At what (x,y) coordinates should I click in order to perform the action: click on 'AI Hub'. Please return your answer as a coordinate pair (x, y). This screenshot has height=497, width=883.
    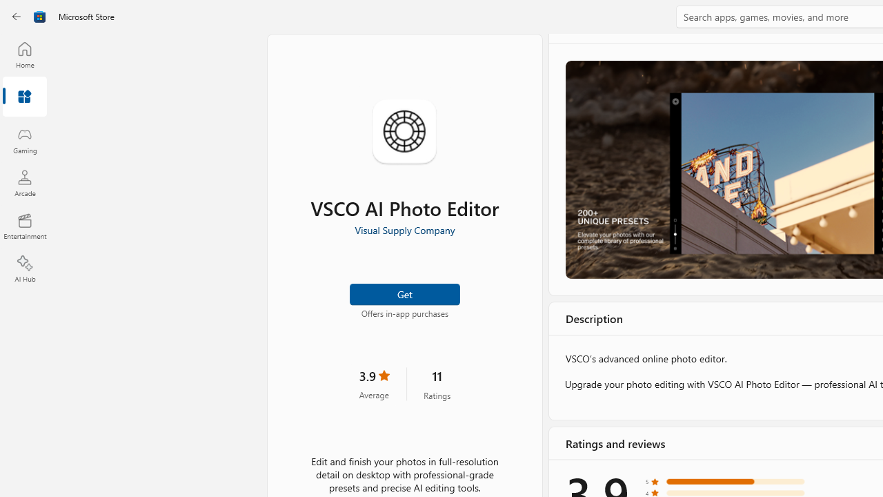
    Looking at the image, I should click on (24, 269).